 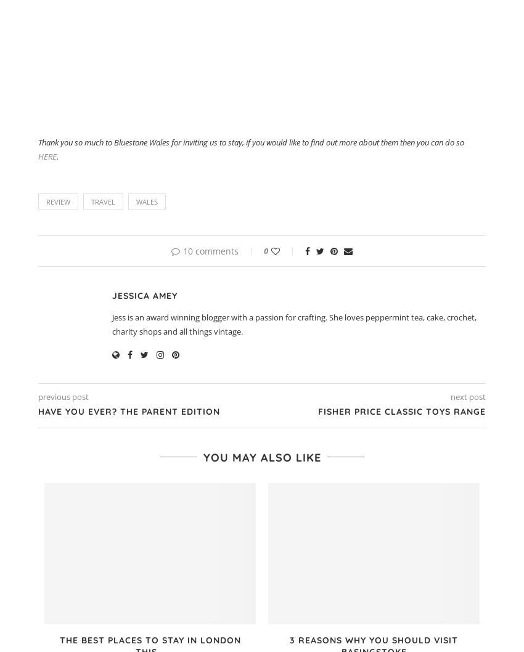 What do you see at coordinates (468, 396) in the screenshot?
I see `'next post'` at bounding box center [468, 396].